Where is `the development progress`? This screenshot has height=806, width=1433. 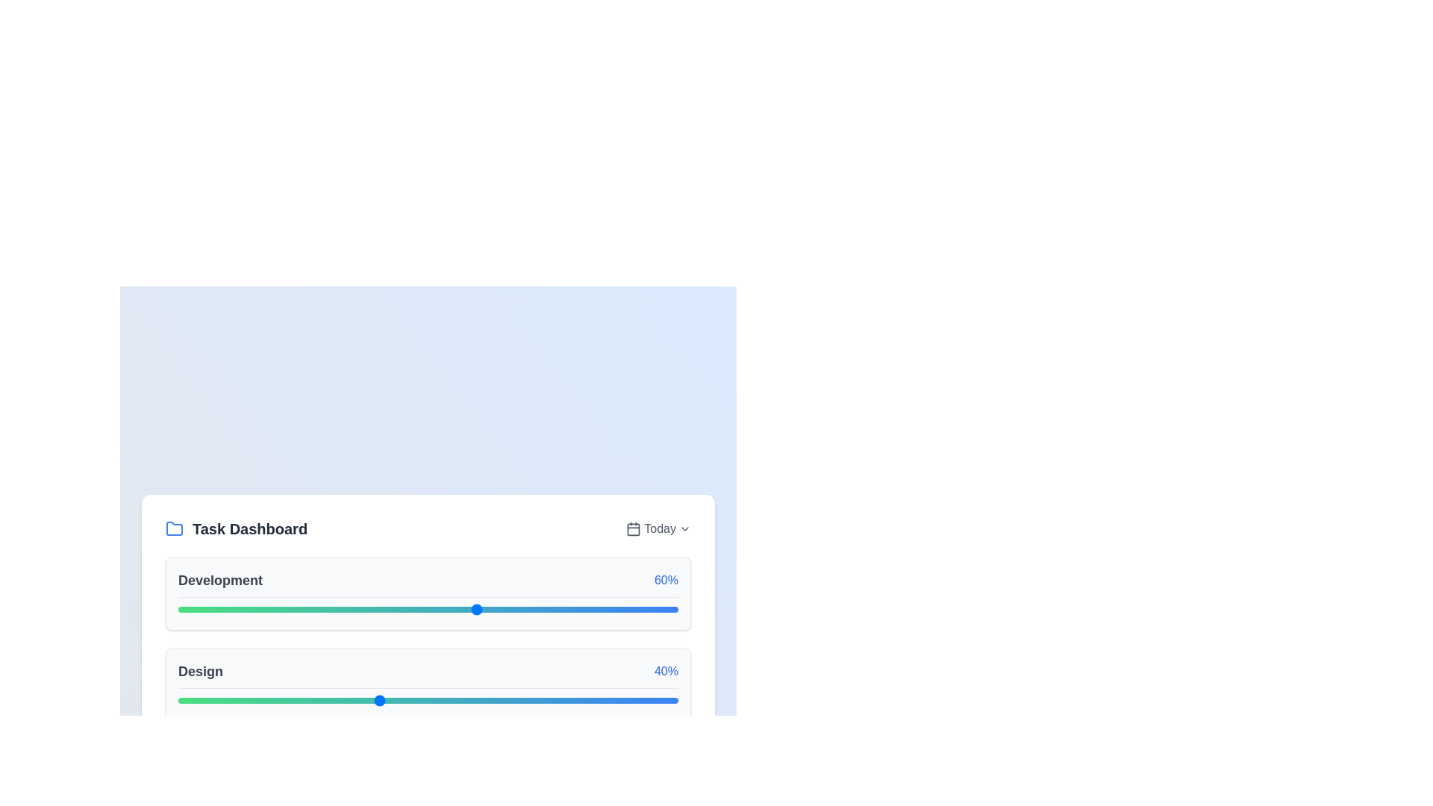 the development progress is located at coordinates (328, 610).